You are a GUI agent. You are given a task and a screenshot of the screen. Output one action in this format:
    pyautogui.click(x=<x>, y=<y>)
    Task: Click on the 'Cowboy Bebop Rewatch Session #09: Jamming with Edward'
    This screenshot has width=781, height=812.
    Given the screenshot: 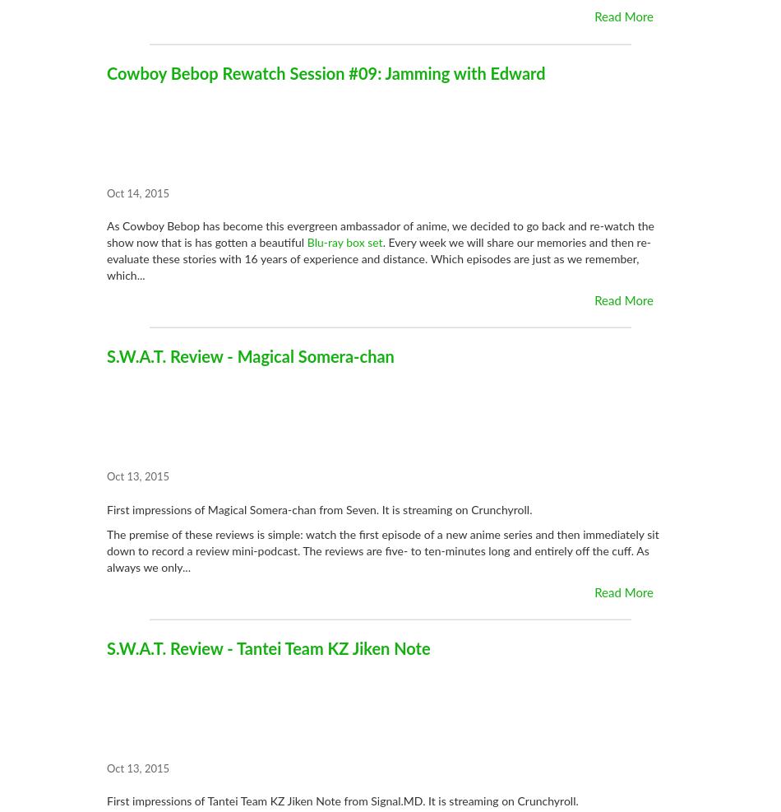 What is the action you would take?
    pyautogui.click(x=325, y=74)
    